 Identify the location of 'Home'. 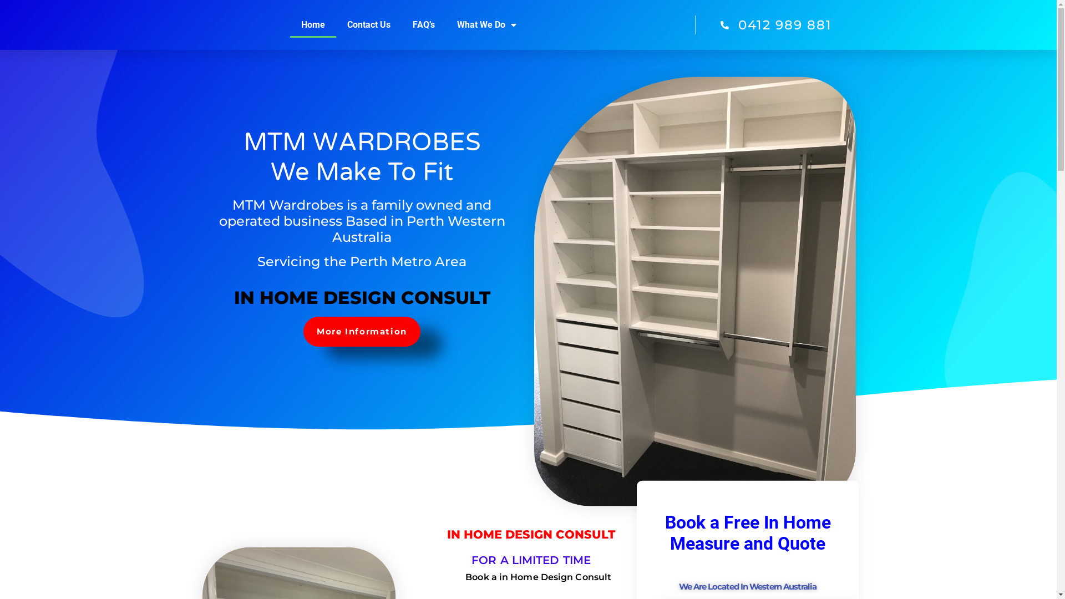
(312, 25).